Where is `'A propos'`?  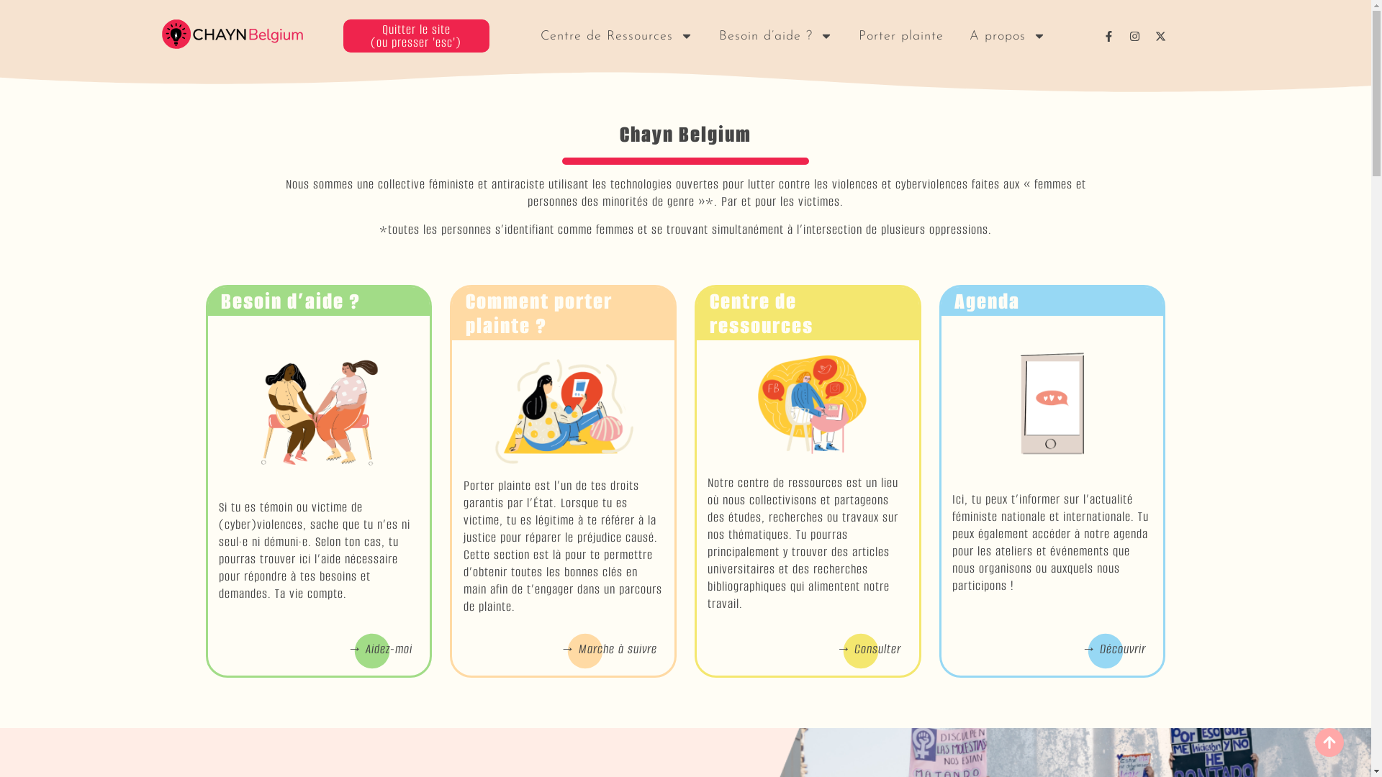 'A propos' is located at coordinates (1007, 35).